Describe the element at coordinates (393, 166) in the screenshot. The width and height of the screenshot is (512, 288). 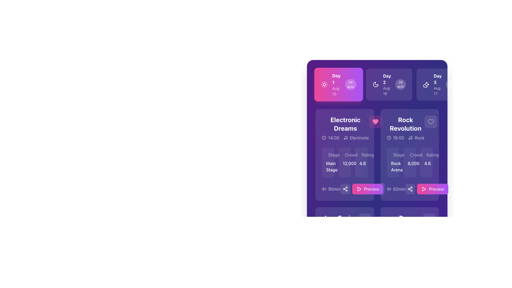
I see `the text element displaying 'Rock Arena', which is located in the second card under the 'Rock Revolution' section, directly below the text 'Stage'` at that location.